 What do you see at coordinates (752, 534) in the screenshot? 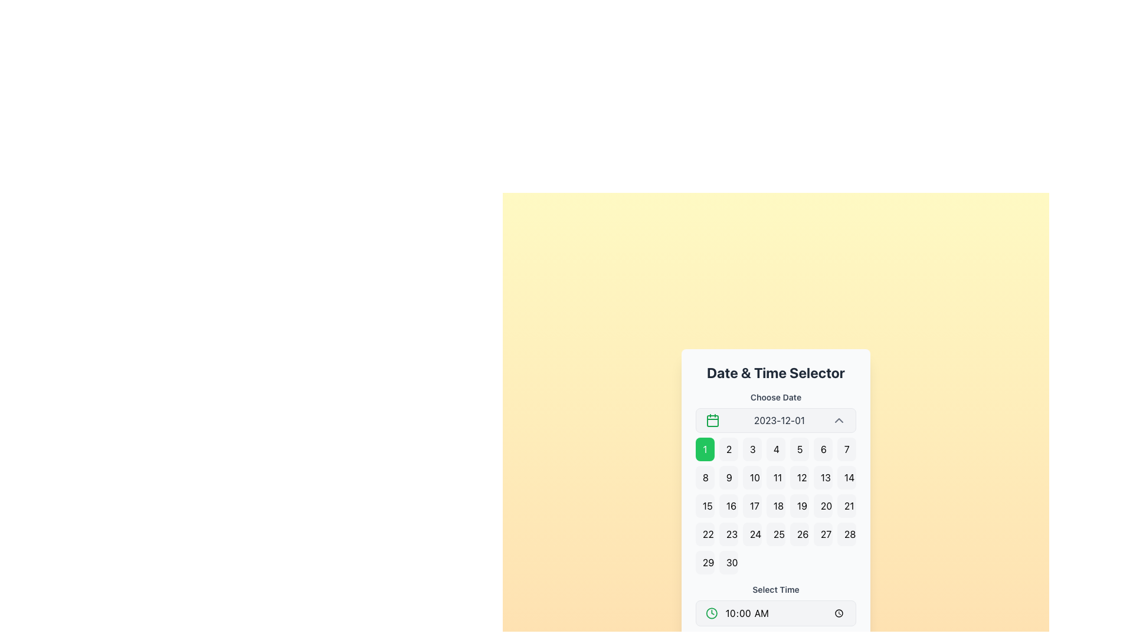
I see `the rounded rectangular button displaying the number '24' in black text on a light gray background` at bounding box center [752, 534].